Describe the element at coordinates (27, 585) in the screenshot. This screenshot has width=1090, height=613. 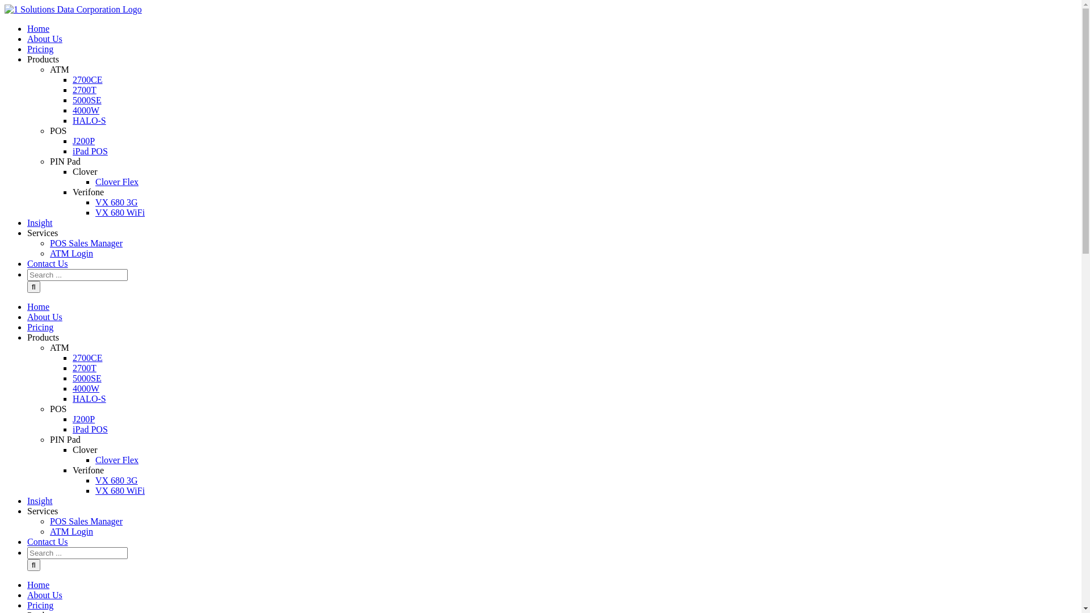
I see `'Home'` at that location.